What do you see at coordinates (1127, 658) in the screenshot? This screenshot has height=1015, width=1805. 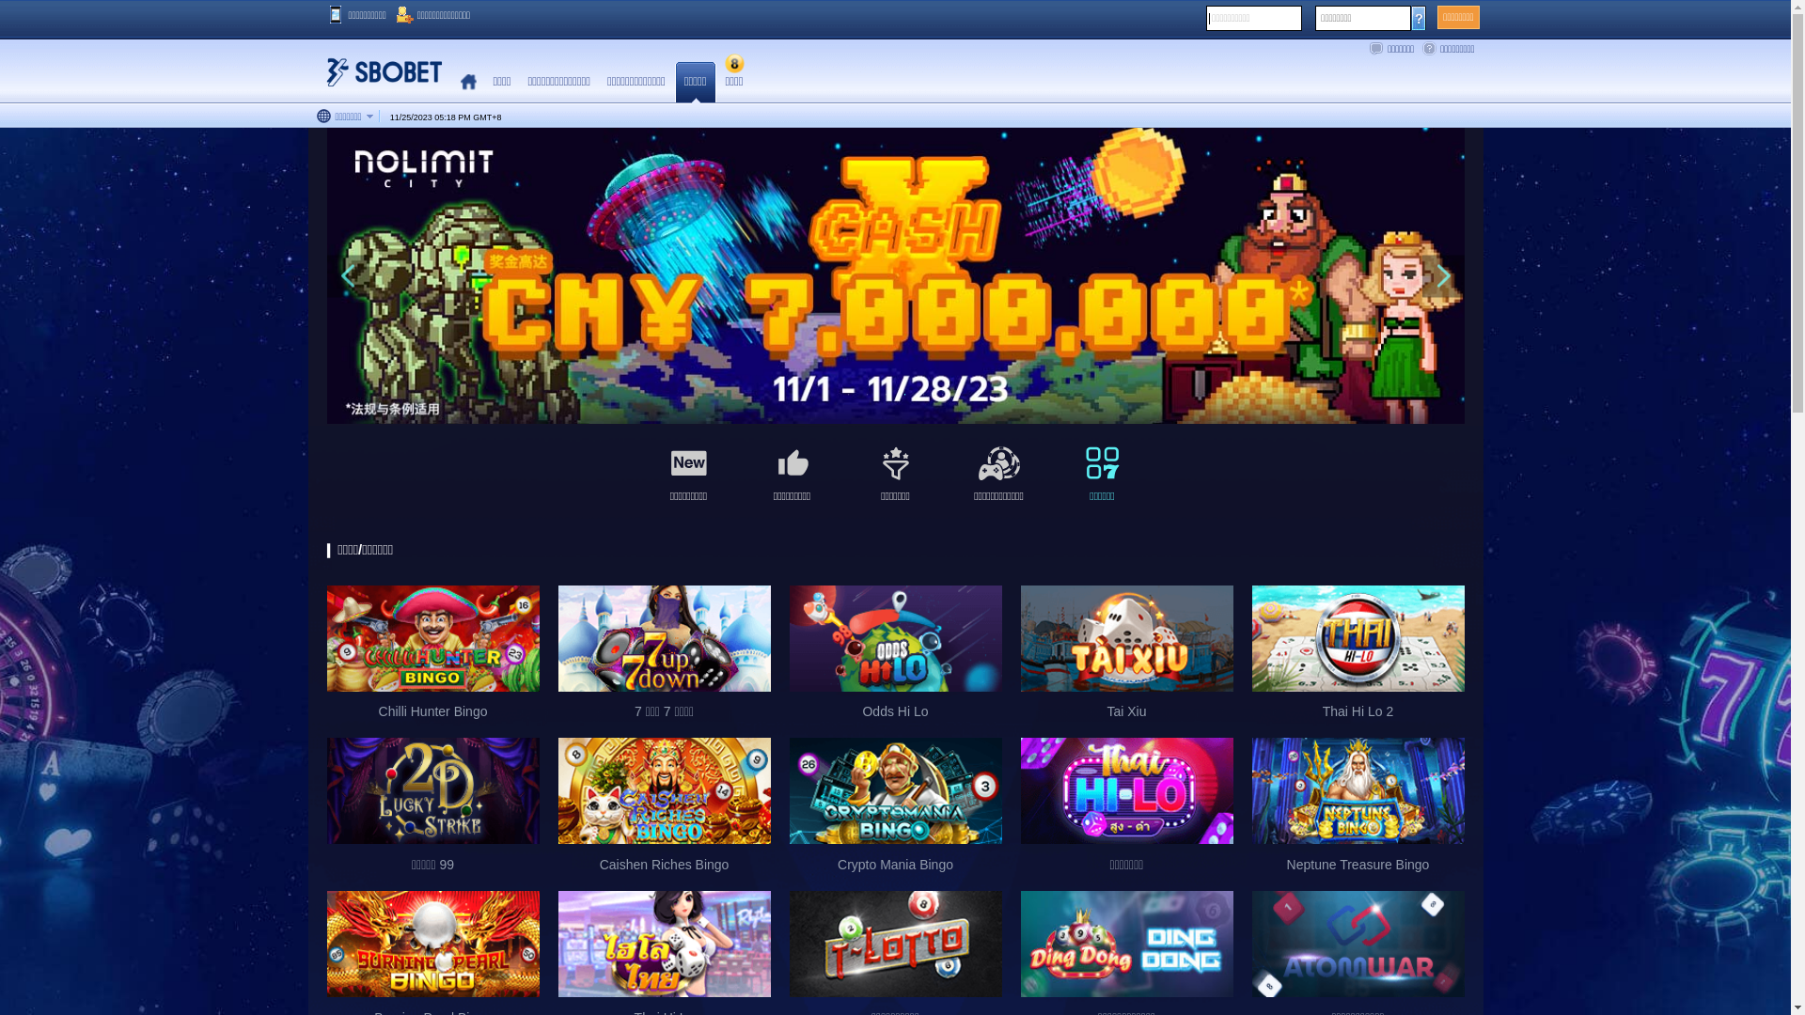 I see `'Tai Xiu'` at bounding box center [1127, 658].